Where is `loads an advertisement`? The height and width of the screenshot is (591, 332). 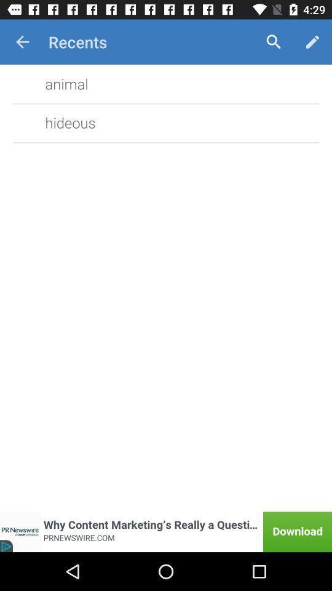 loads an advertisement is located at coordinates (166, 531).